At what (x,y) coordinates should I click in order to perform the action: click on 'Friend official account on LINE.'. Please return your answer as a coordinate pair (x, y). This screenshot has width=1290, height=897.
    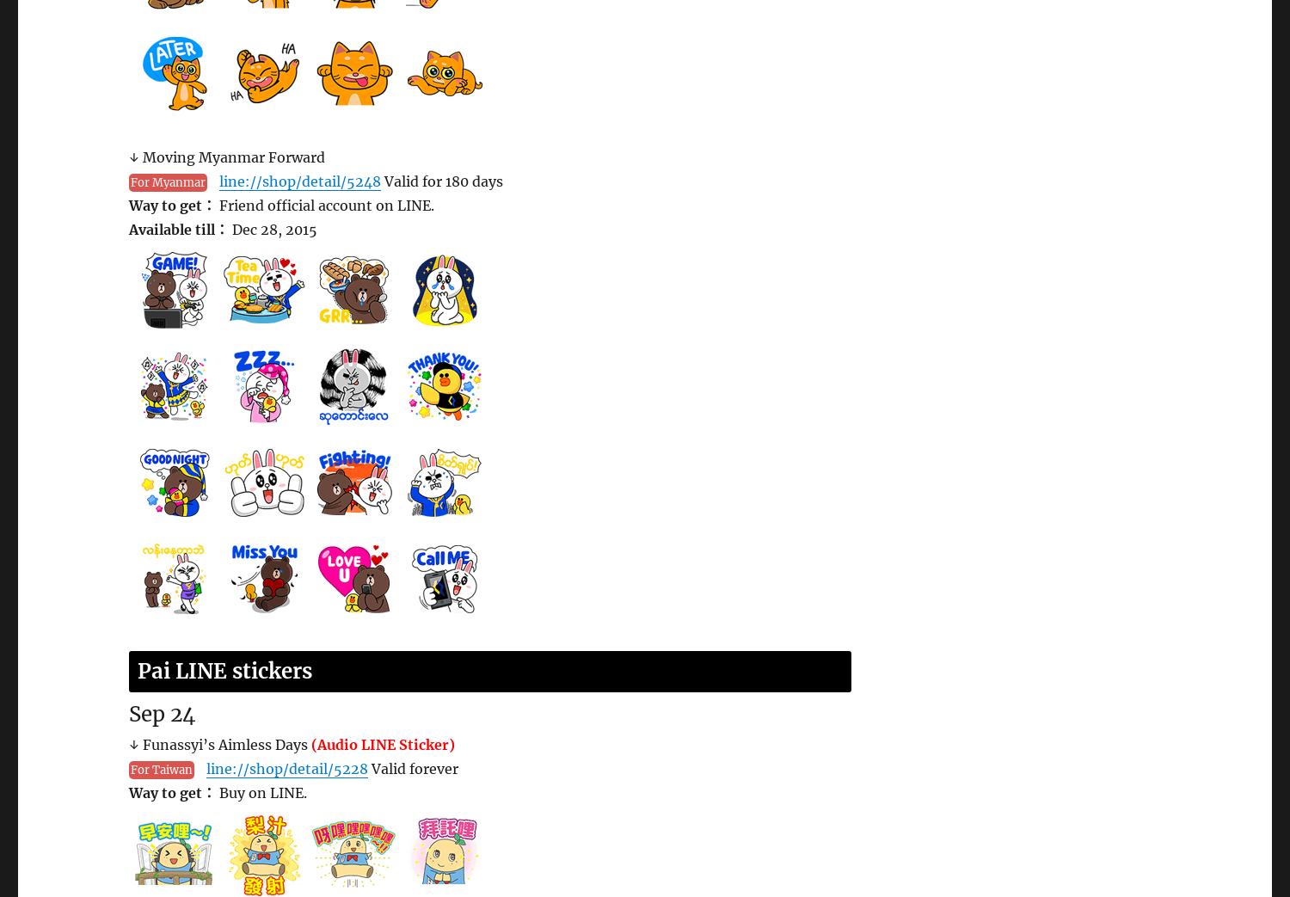
    Looking at the image, I should click on (325, 205).